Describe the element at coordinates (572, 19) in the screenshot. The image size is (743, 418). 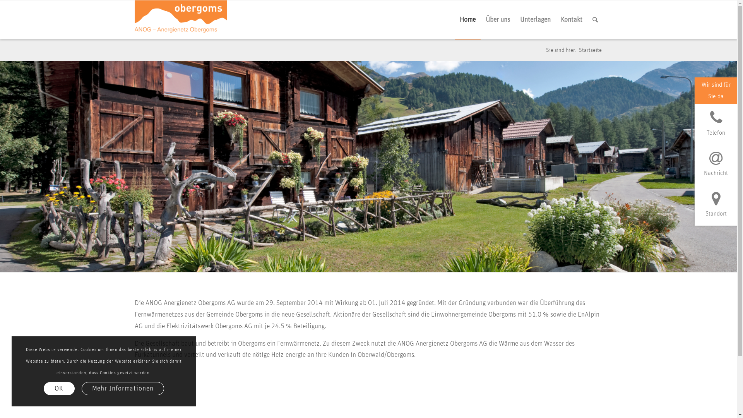
I see `'Kontakt'` at that location.